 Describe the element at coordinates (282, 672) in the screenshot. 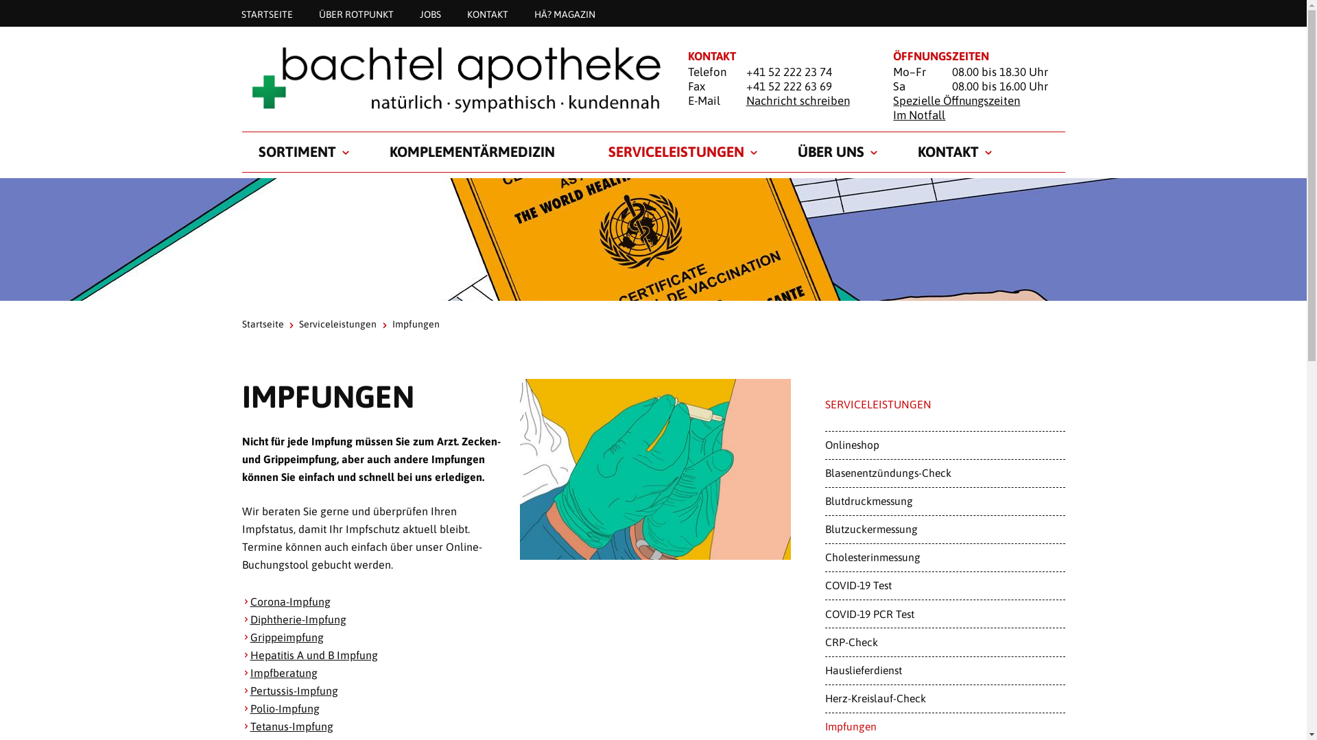

I see `'Impfberatung'` at that location.